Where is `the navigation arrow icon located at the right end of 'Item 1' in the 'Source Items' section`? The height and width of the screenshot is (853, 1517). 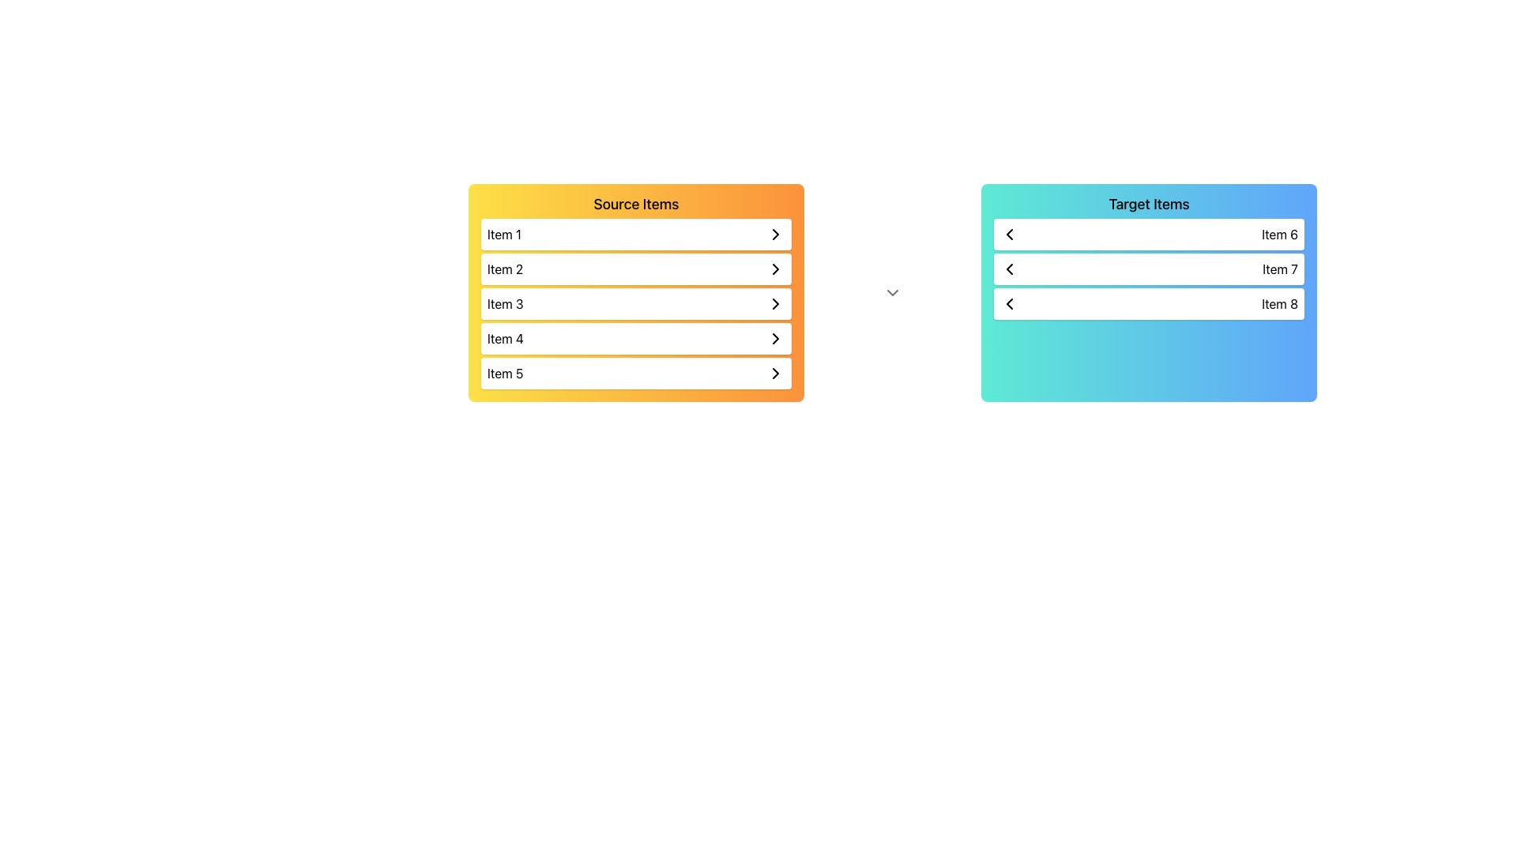 the navigation arrow icon located at the right end of 'Item 1' in the 'Source Items' section is located at coordinates (775, 235).